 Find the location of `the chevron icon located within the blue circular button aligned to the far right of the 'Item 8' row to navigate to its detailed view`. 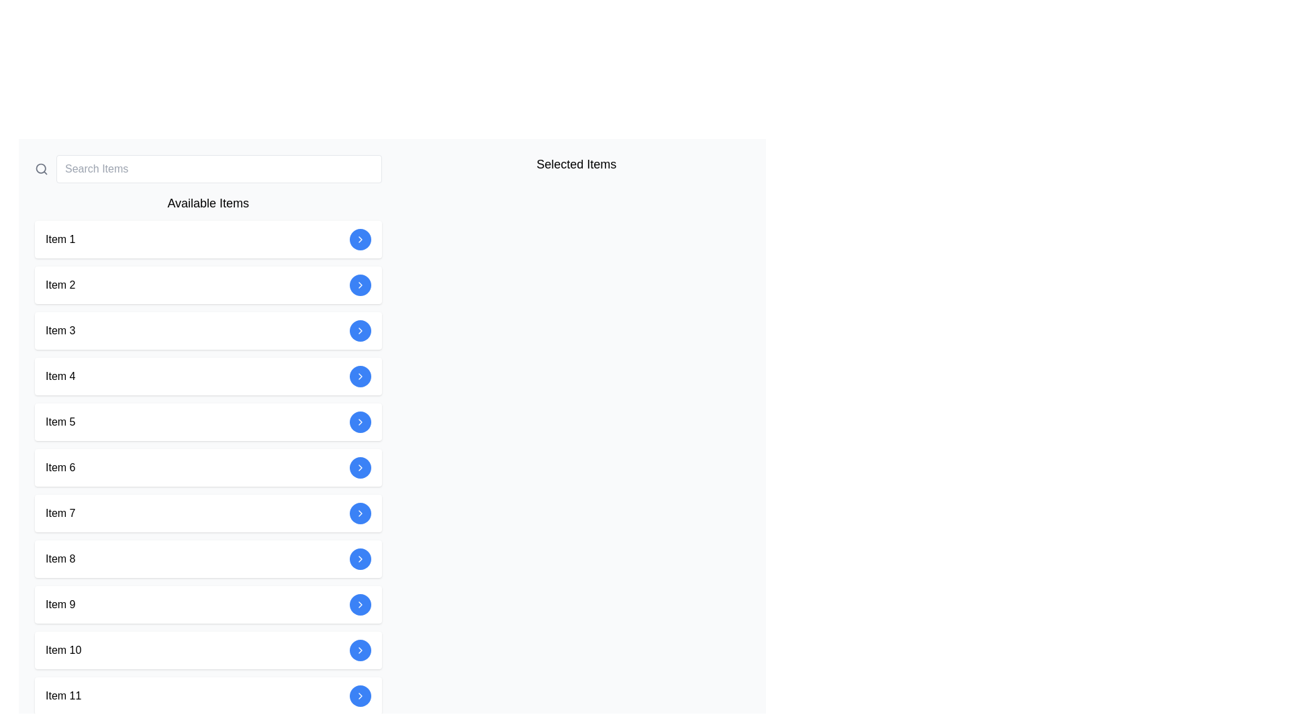

the chevron icon located within the blue circular button aligned to the far right of the 'Item 8' row to navigate to its detailed view is located at coordinates (360, 559).